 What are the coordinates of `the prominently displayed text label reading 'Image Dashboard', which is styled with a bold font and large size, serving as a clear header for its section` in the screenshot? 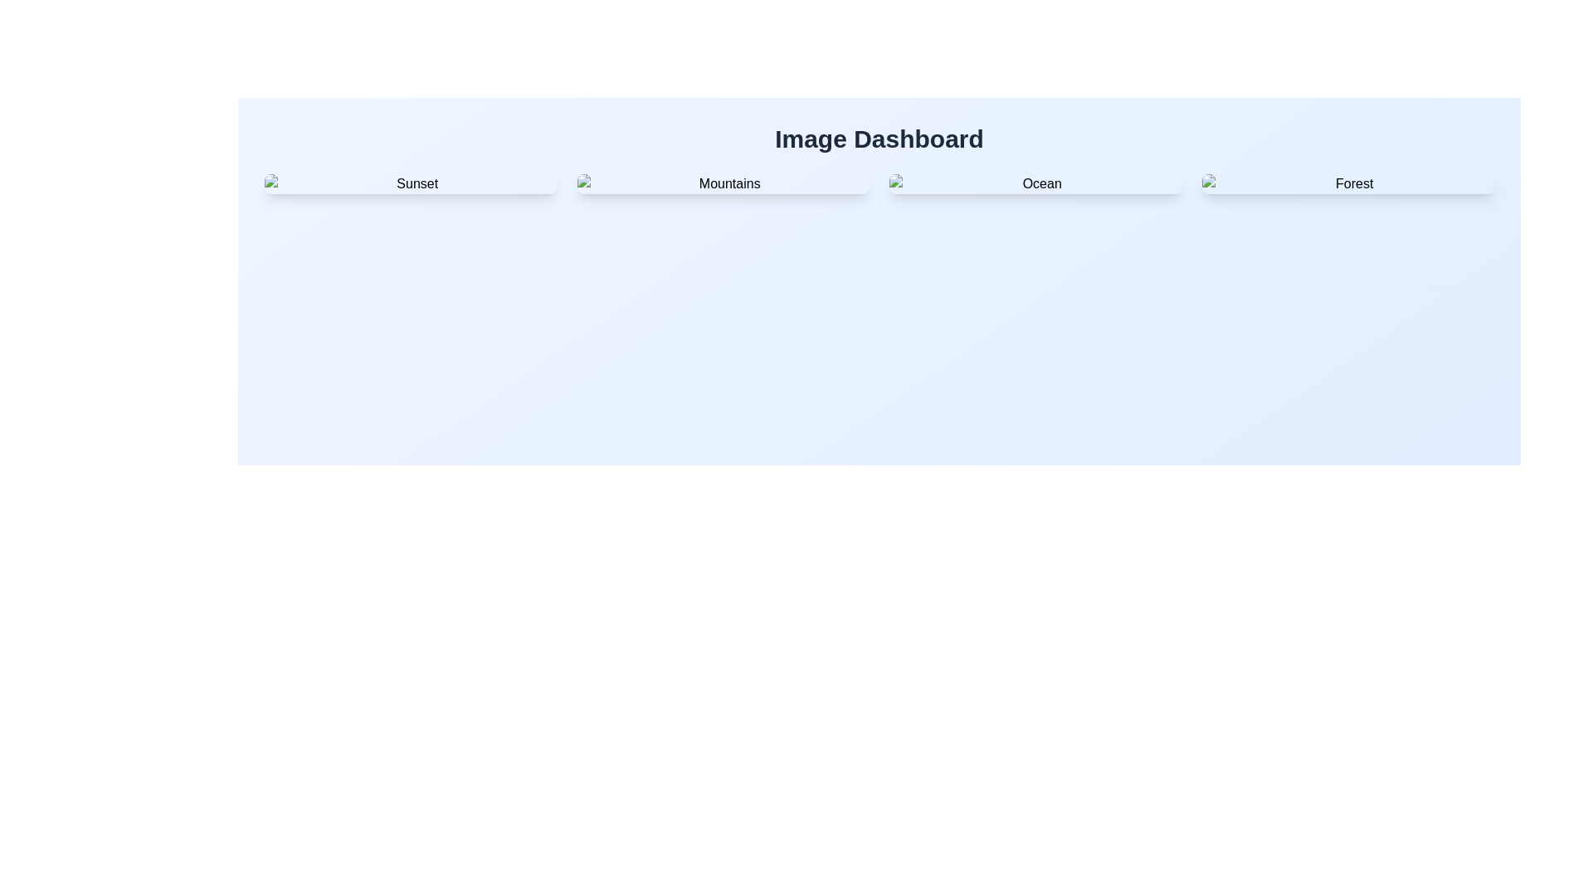 It's located at (879, 139).